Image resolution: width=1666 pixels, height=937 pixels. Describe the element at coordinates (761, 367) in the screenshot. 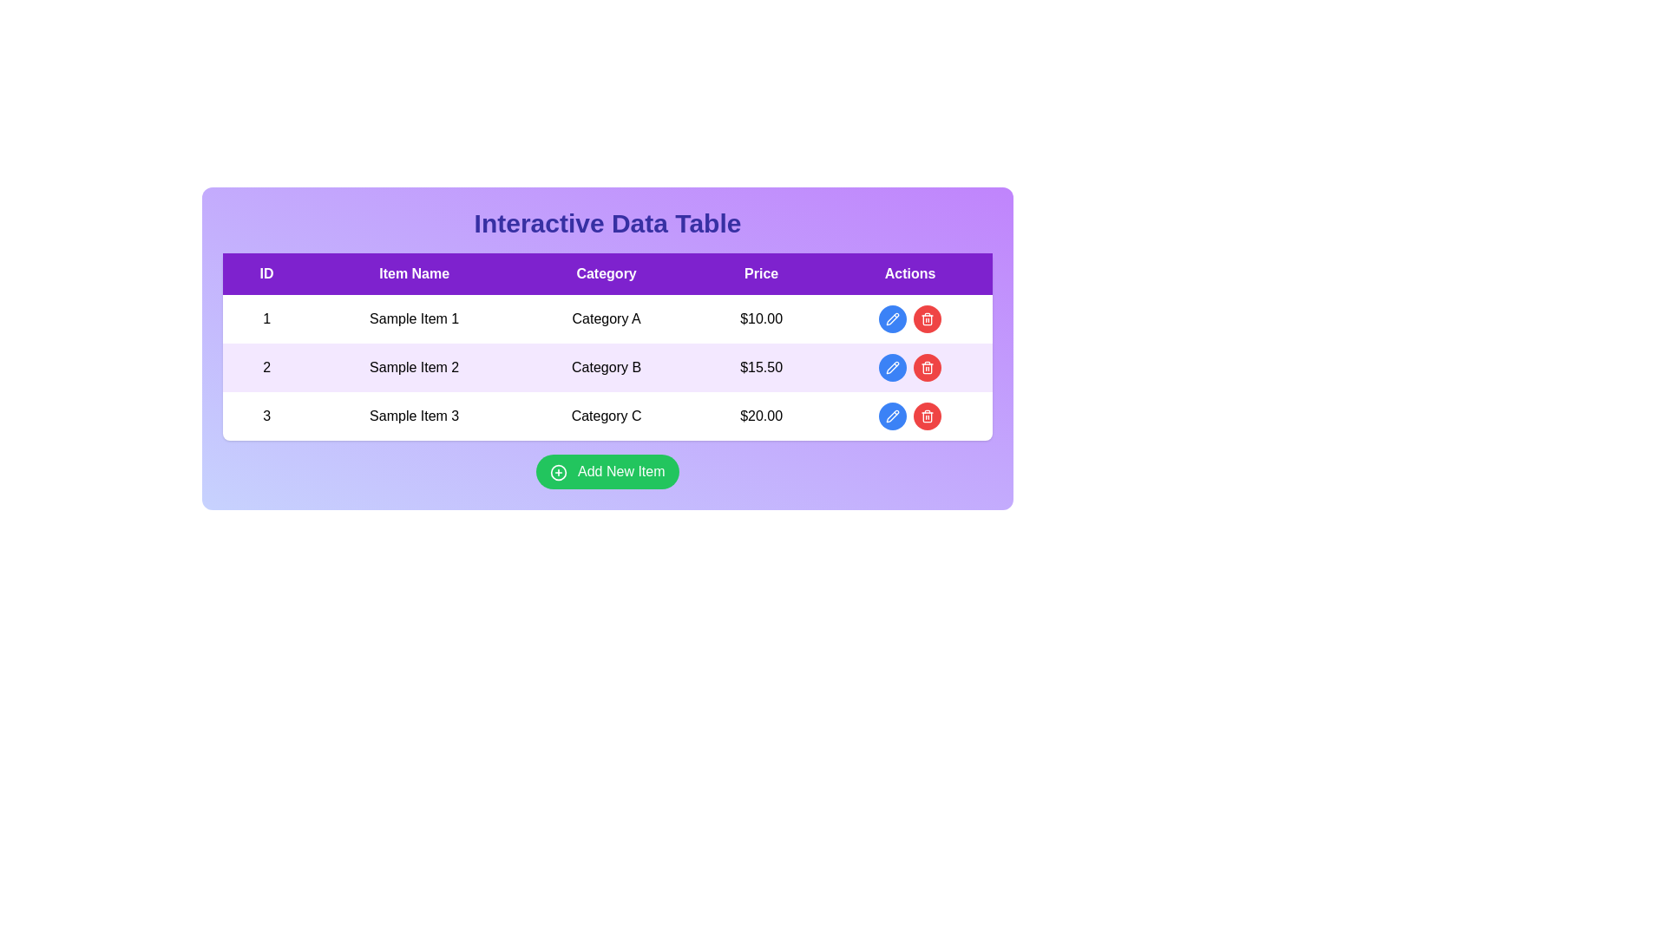

I see `the table cell displaying the price '$15.50' in the 'Price' column of the interactive data table` at that location.